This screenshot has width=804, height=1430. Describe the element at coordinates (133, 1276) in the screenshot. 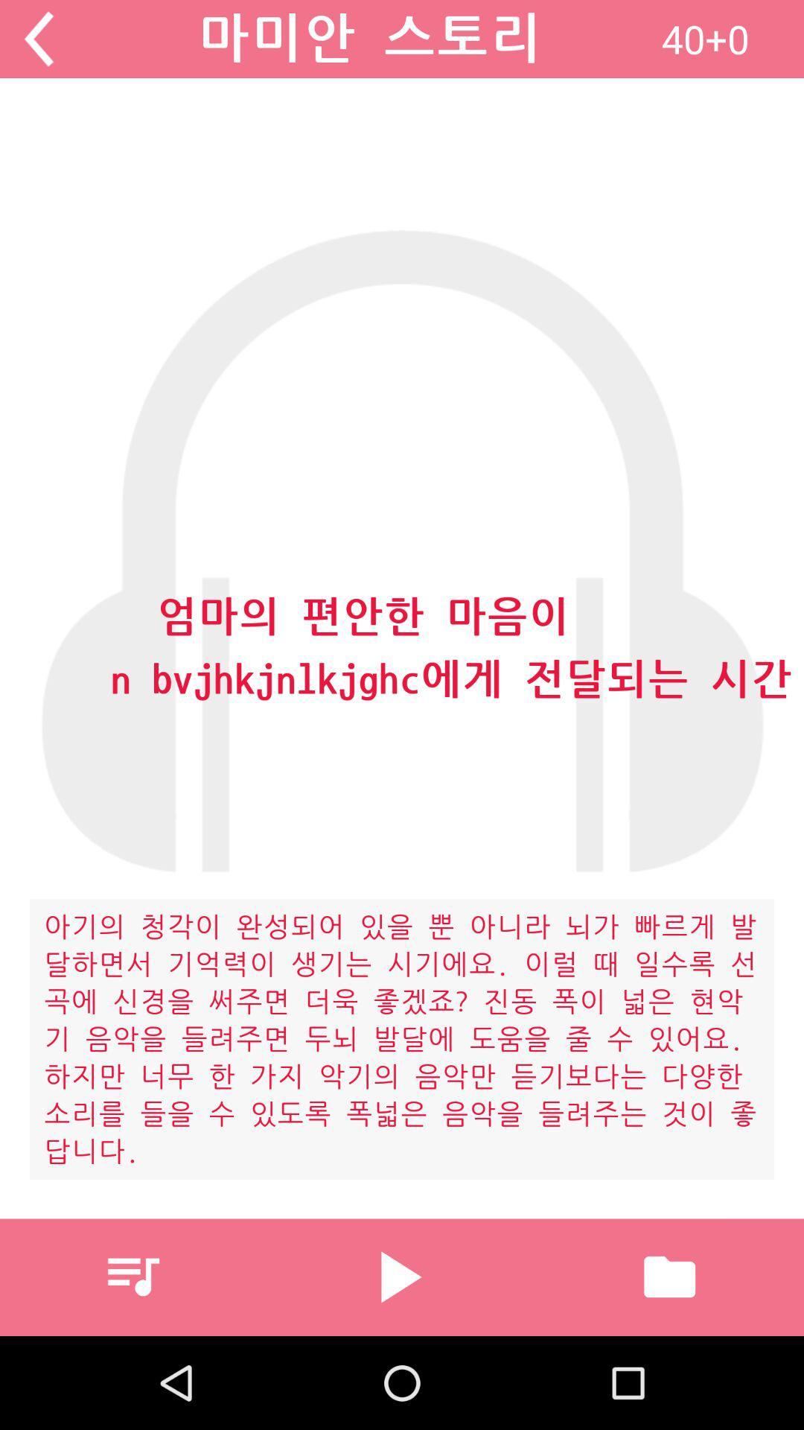

I see `icon at the bottom left corner` at that location.